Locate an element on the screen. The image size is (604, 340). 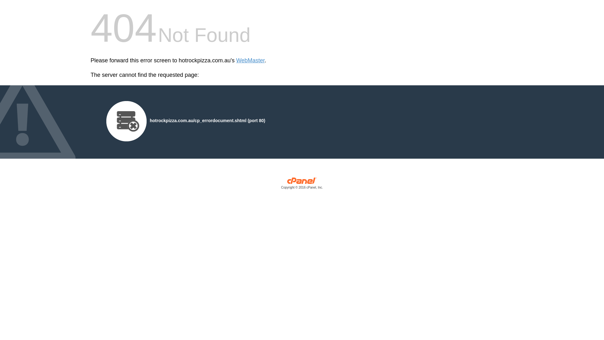
'WebMaster' is located at coordinates (250, 60).